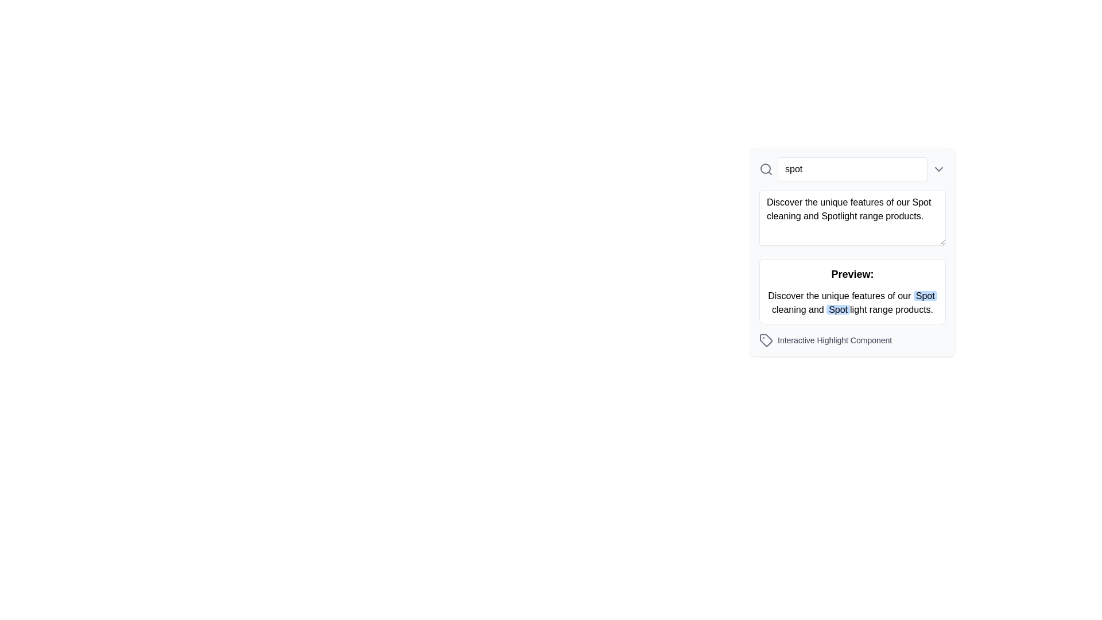 The width and height of the screenshot is (1102, 620). Describe the element at coordinates (838, 309) in the screenshot. I see `the highlighted word 'Spot' in the paragraph` at that location.